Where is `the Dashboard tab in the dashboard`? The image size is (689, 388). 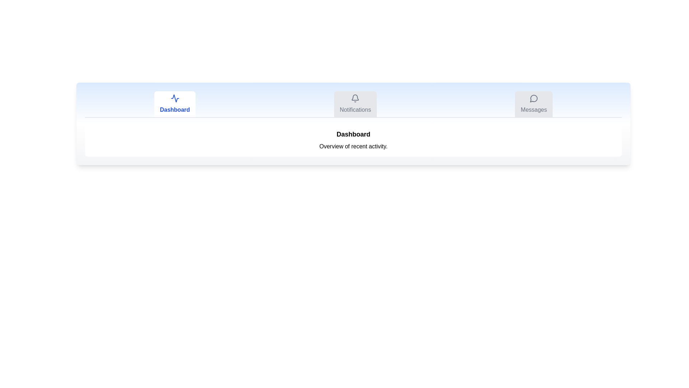 the Dashboard tab in the dashboard is located at coordinates (175, 104).